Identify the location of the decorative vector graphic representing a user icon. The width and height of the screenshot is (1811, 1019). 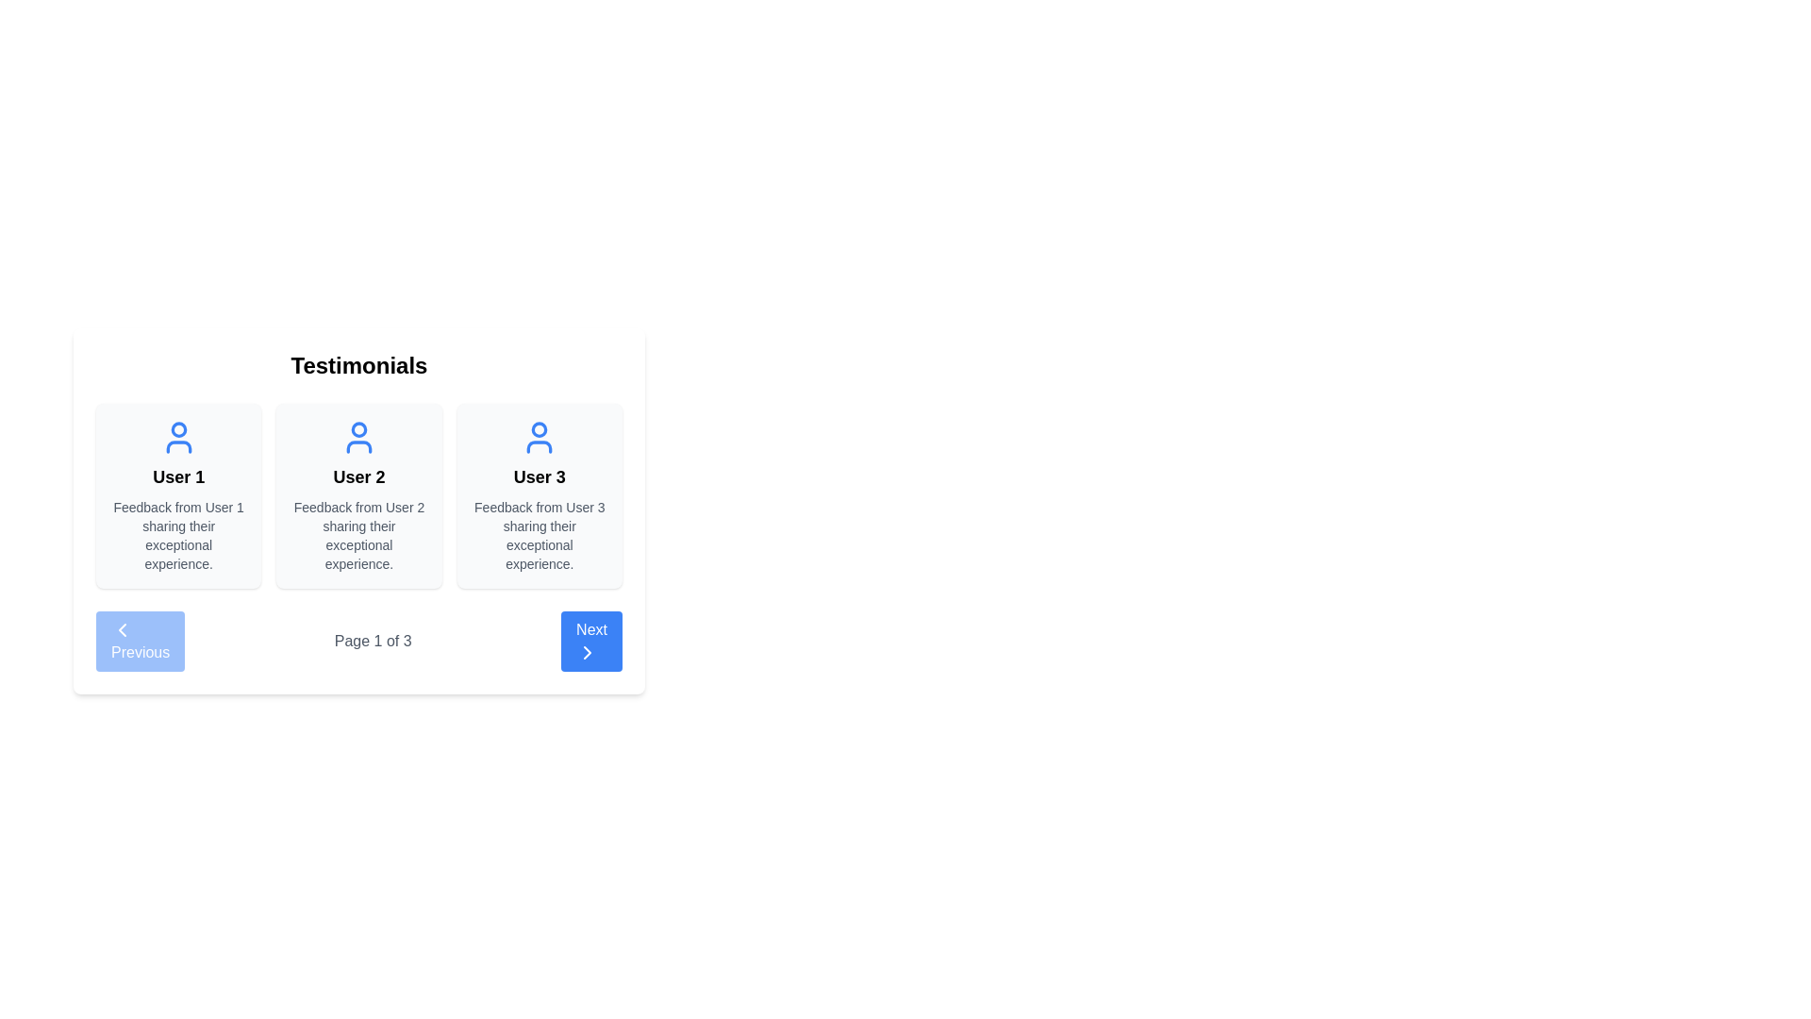
(539, 447).